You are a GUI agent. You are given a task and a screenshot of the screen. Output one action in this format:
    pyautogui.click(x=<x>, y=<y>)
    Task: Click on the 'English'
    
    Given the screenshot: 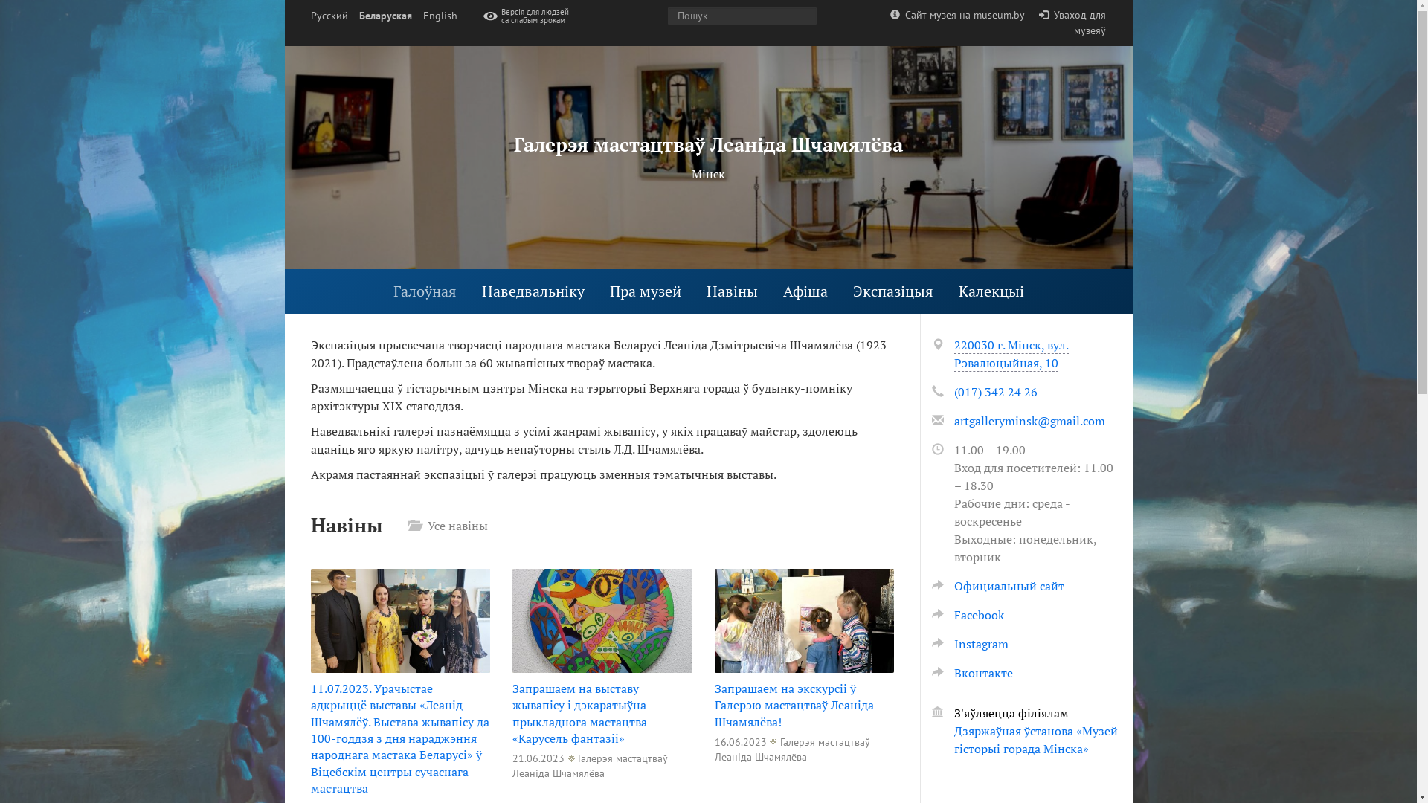 What is the action you would take?
    pyautogui.click(x=438, y=16)
    